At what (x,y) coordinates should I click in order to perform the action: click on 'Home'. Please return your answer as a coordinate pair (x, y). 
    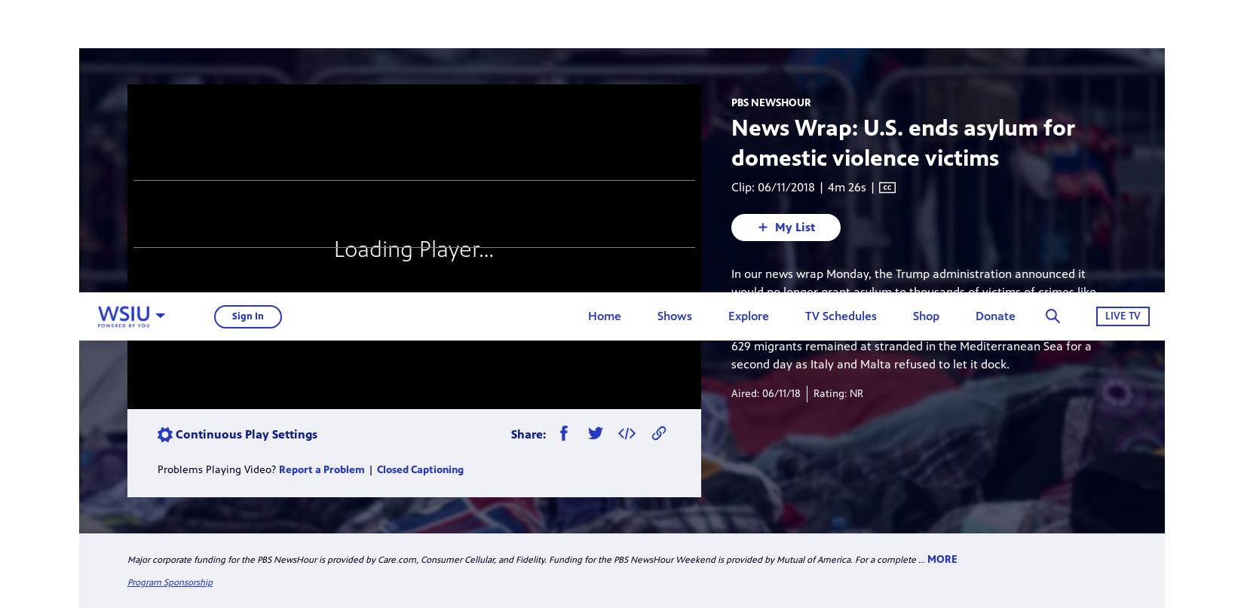
    Looking at the image, I should click on (604, 23).